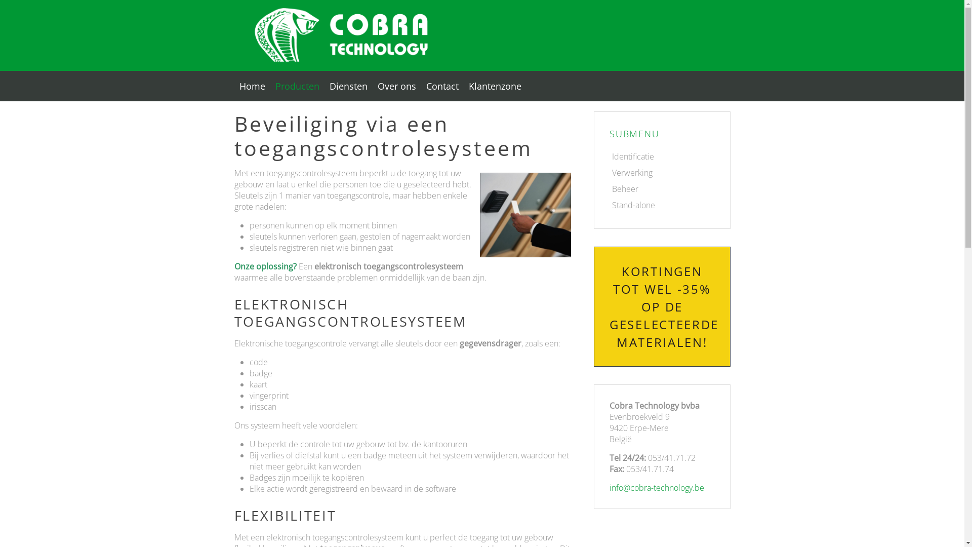 The width and height of the screenshot is (972, 547). Describe the element at coordinates (662, 463) in the screenshot. I see `'Tel 24/24: 053/41.71.72` at that location.